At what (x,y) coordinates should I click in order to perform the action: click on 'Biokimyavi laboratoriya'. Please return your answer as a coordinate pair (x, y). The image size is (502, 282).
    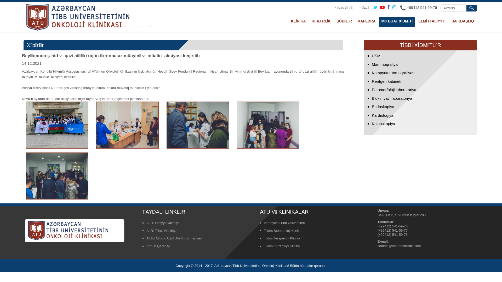
    Looking at the image, I should click on (392, 98).